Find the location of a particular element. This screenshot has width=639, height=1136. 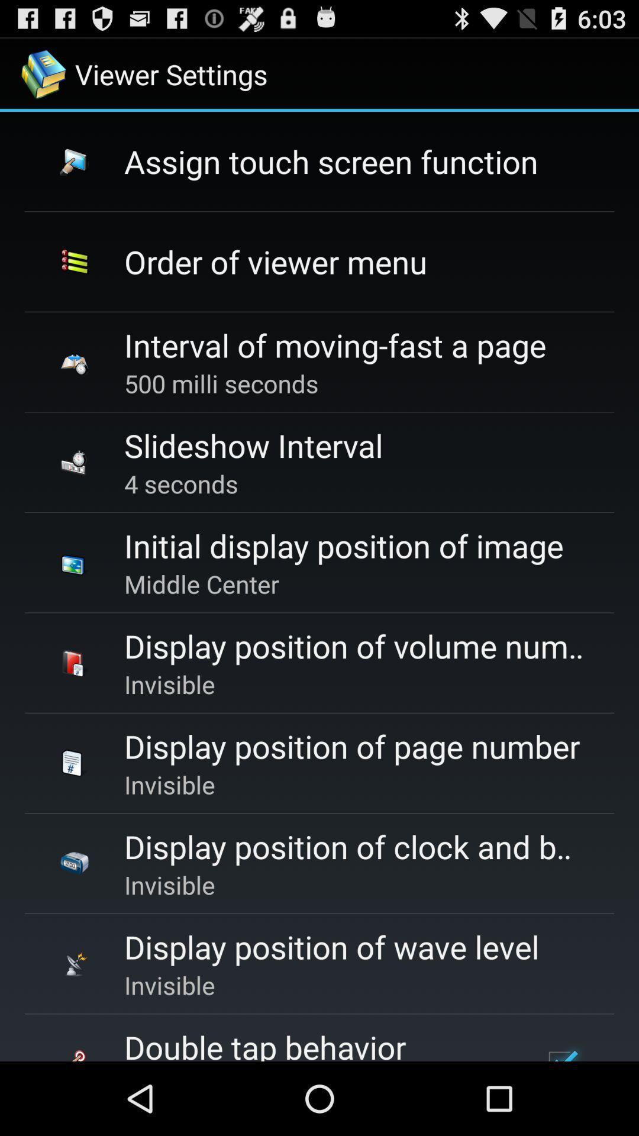

the slideshow interval icon is located at coordinates (253, 444).